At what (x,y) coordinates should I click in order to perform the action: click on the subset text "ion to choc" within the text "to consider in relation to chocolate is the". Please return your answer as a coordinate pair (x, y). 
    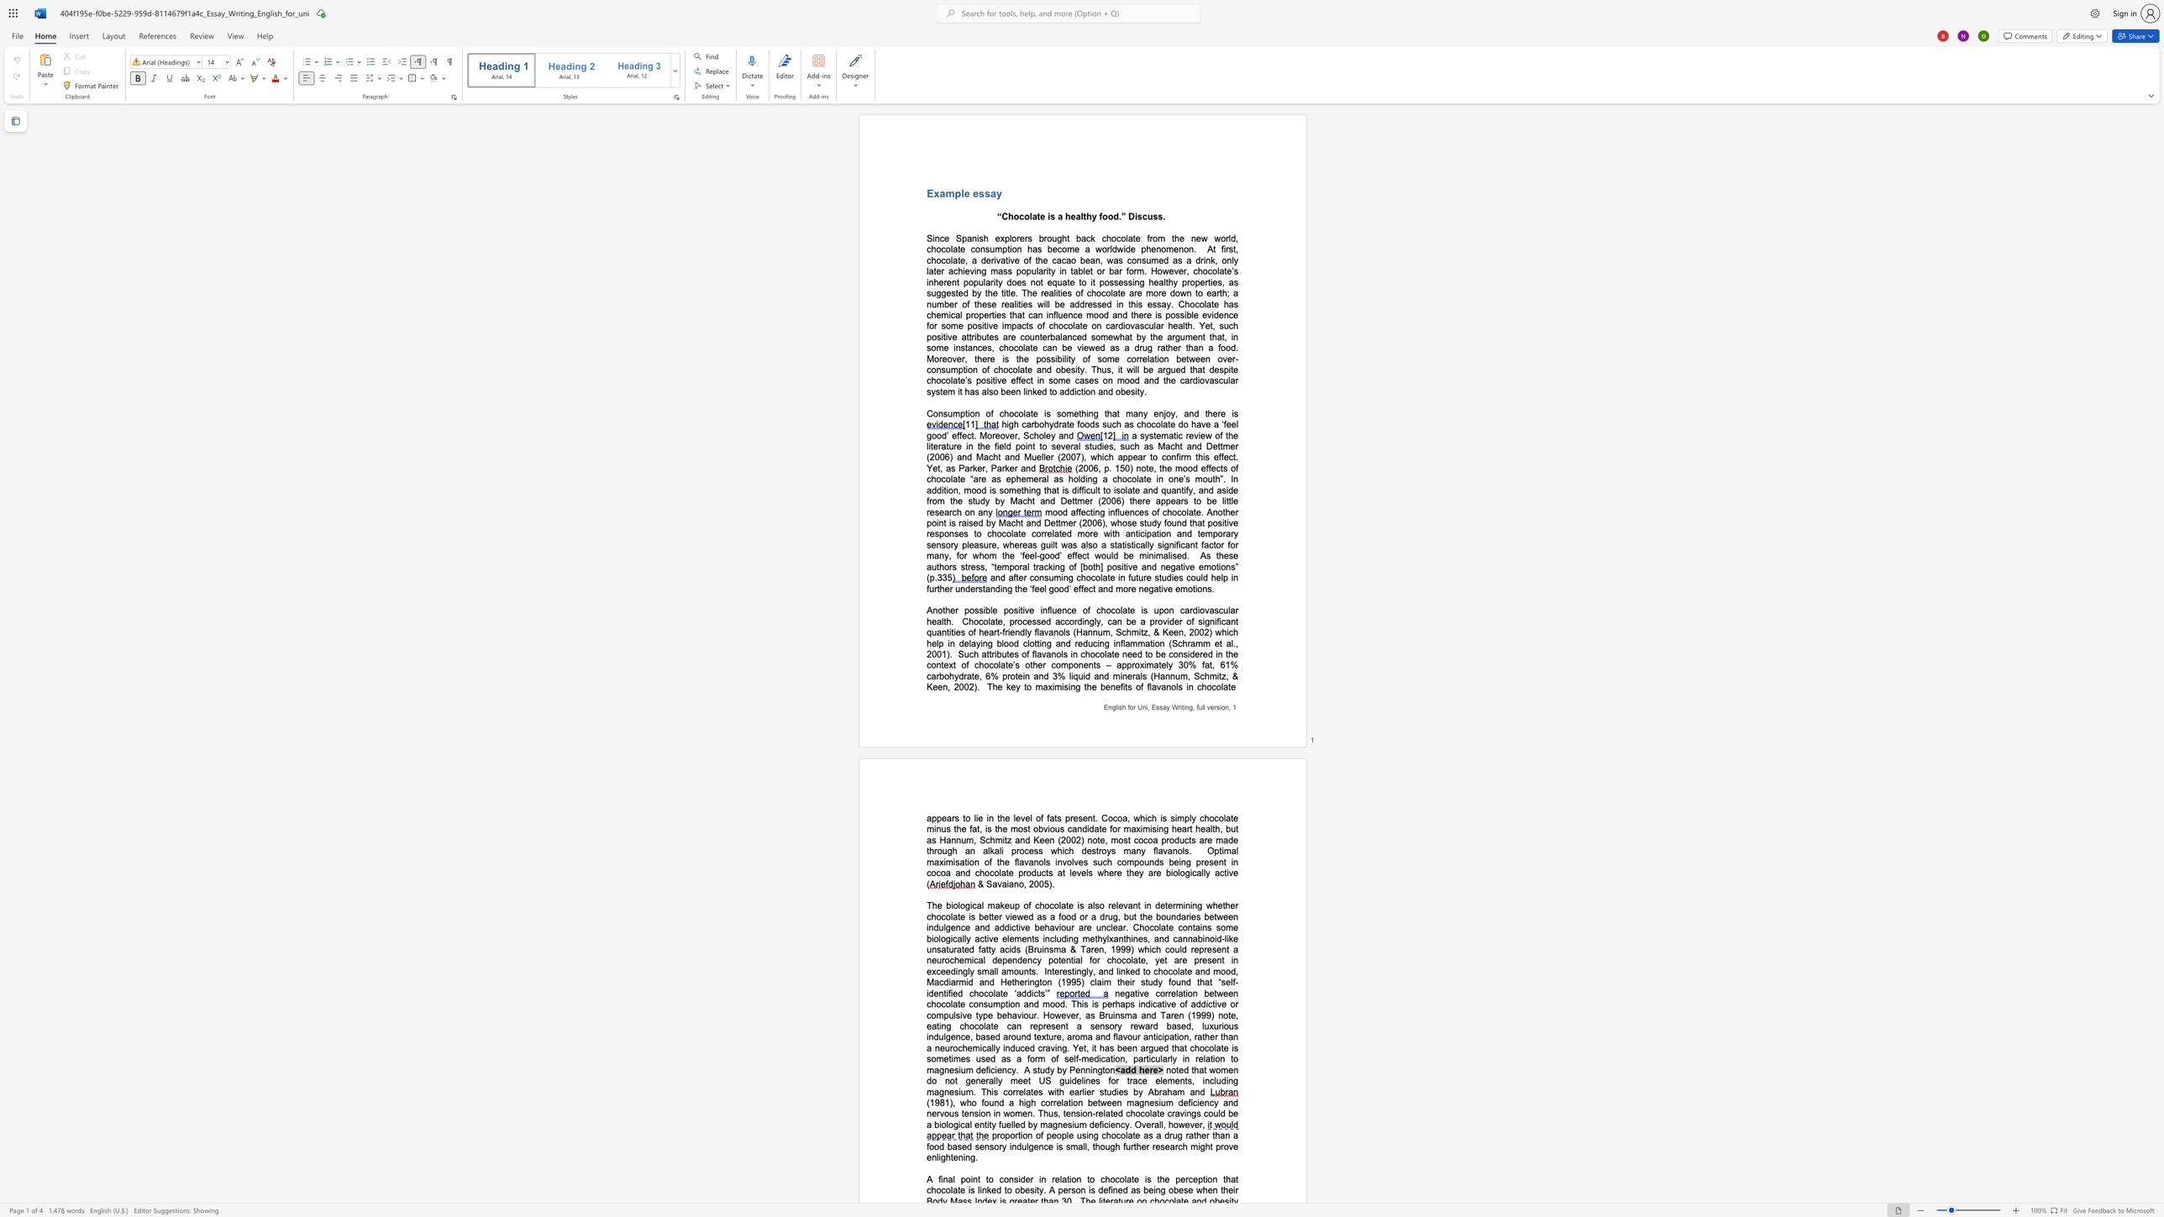
    Looking at the image, I should click on (1069, 1178).